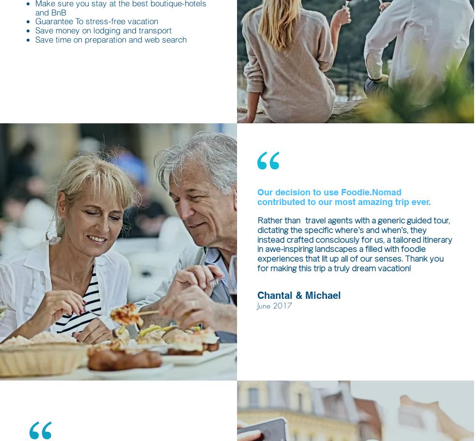 The image size is (476, 441). Describe the element at coordinates (146, 29) in the screenshot. I see `'and transport'` at that location.